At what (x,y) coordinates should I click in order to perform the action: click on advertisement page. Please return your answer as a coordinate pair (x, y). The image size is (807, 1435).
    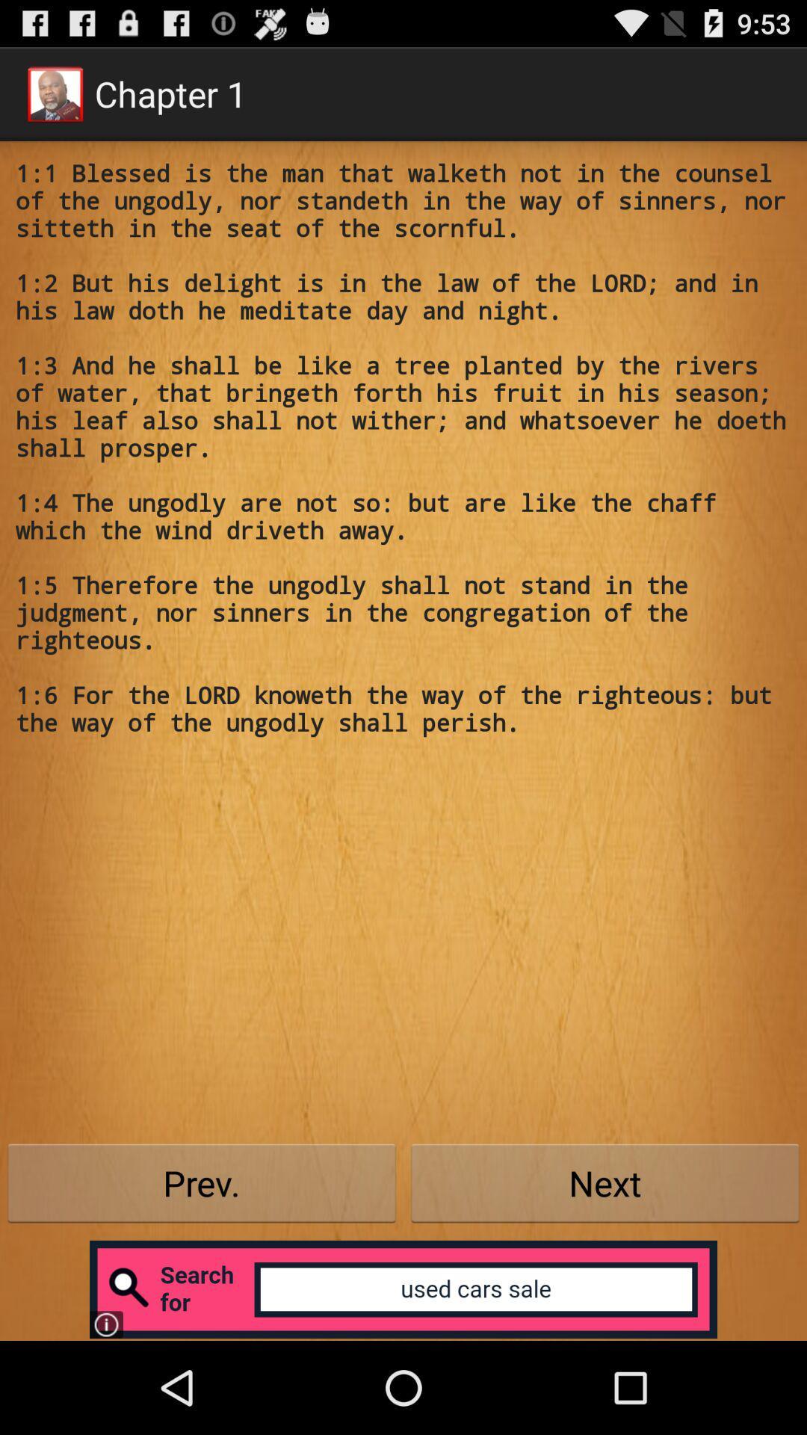
    Looking at the image, I should click on (403, 1289).